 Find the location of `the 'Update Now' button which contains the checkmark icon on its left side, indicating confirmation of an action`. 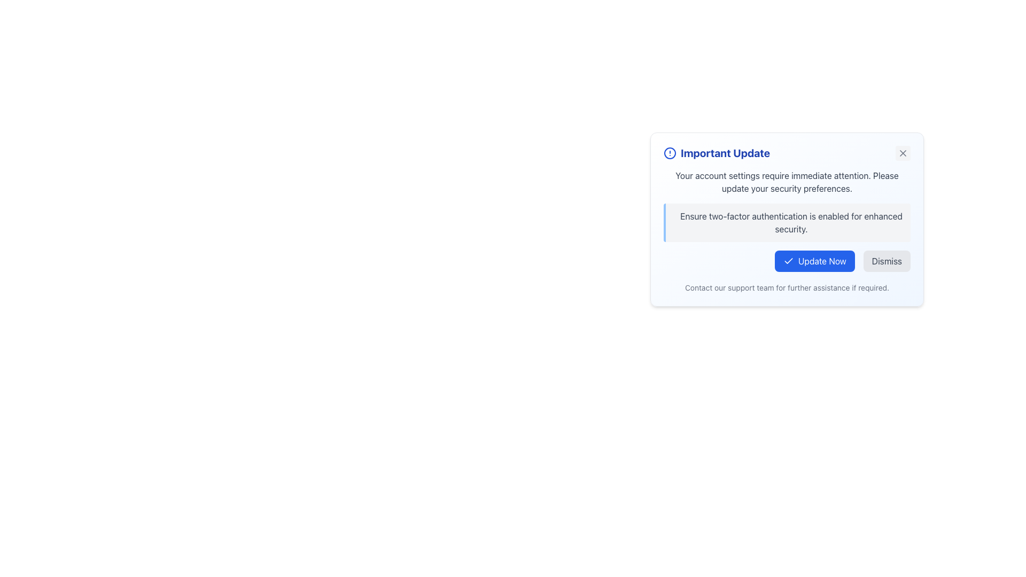

the 'Update Now' button which contains the checkmark icon on its left side, indicating confirmation of an action is located at coordinates (788, 261).